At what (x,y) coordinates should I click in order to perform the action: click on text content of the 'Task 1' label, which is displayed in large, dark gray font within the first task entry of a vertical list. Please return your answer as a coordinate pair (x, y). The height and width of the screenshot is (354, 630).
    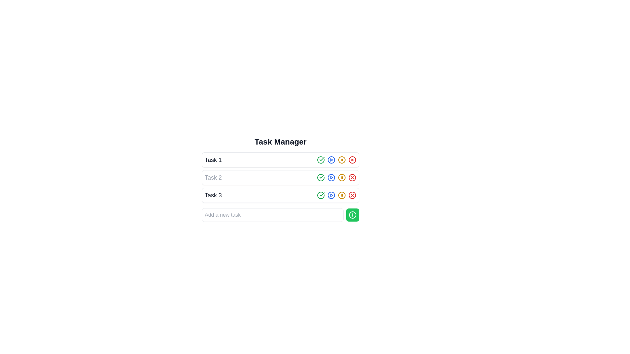
    Looking at the image, I should click on (213, 160).